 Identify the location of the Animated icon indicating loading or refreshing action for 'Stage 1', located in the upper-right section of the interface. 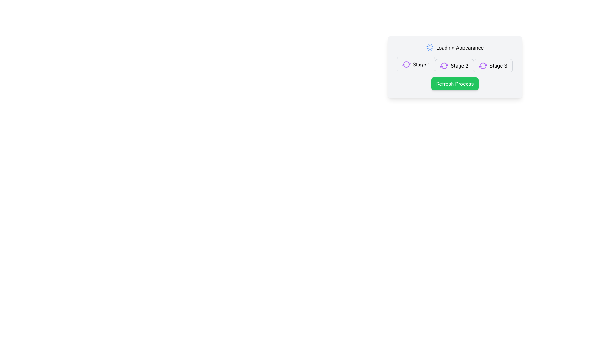
(406, 64).